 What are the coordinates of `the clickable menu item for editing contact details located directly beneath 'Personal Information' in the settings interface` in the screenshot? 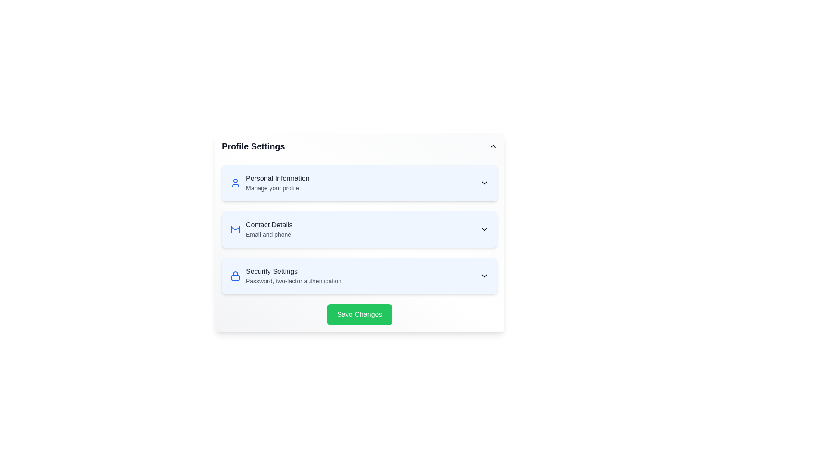 It's located at (360, 229).